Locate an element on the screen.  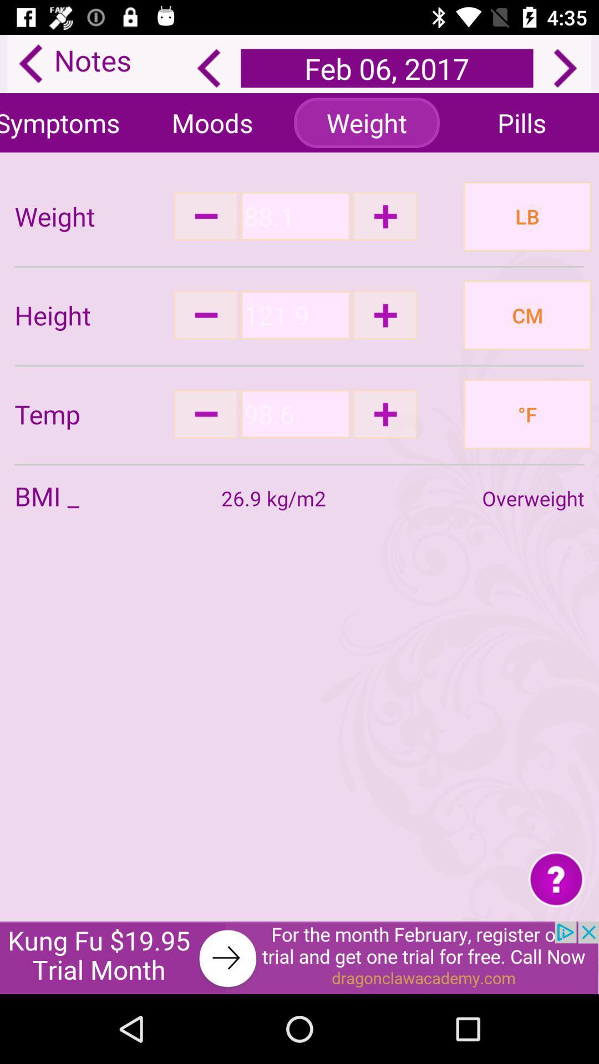
increase is located at coordinates (384, 413).